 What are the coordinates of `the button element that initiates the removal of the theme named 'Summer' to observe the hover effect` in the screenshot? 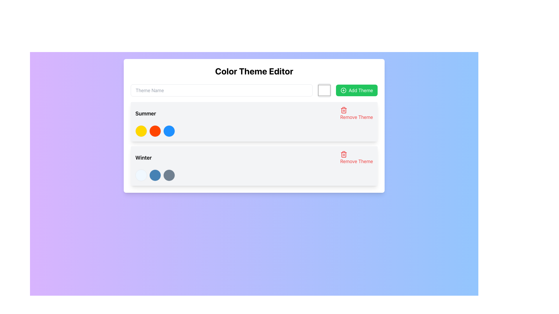 It's located at (356, 113).